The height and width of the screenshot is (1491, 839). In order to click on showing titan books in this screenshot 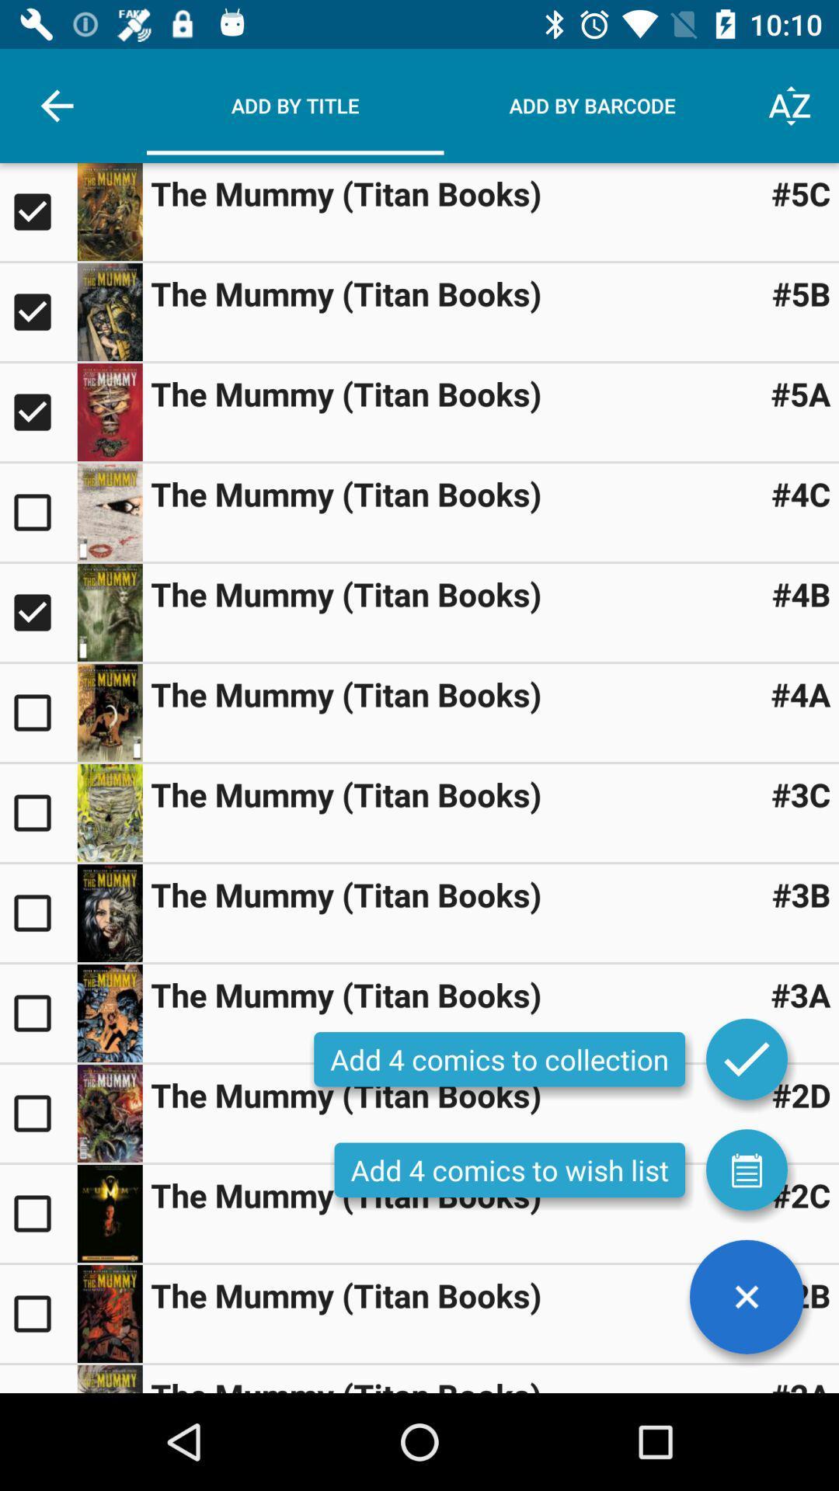, I will do `click(109, 1013)`.